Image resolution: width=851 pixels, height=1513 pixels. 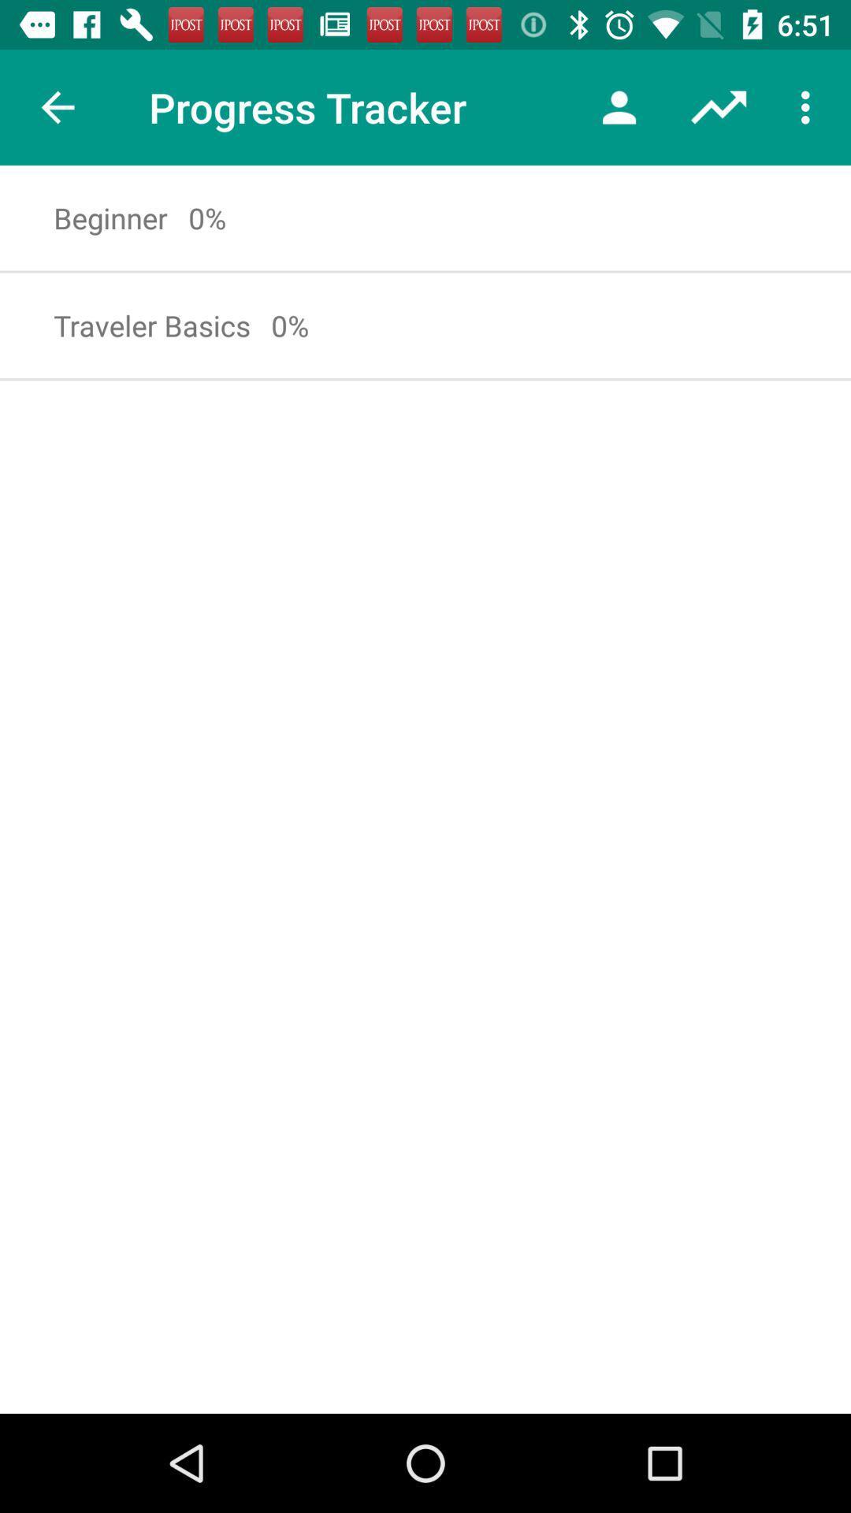 What do you see at coordinates (57, 106) in the screenshot?
I see `item to the left of progress tracker` at bounding box center [57, 106].